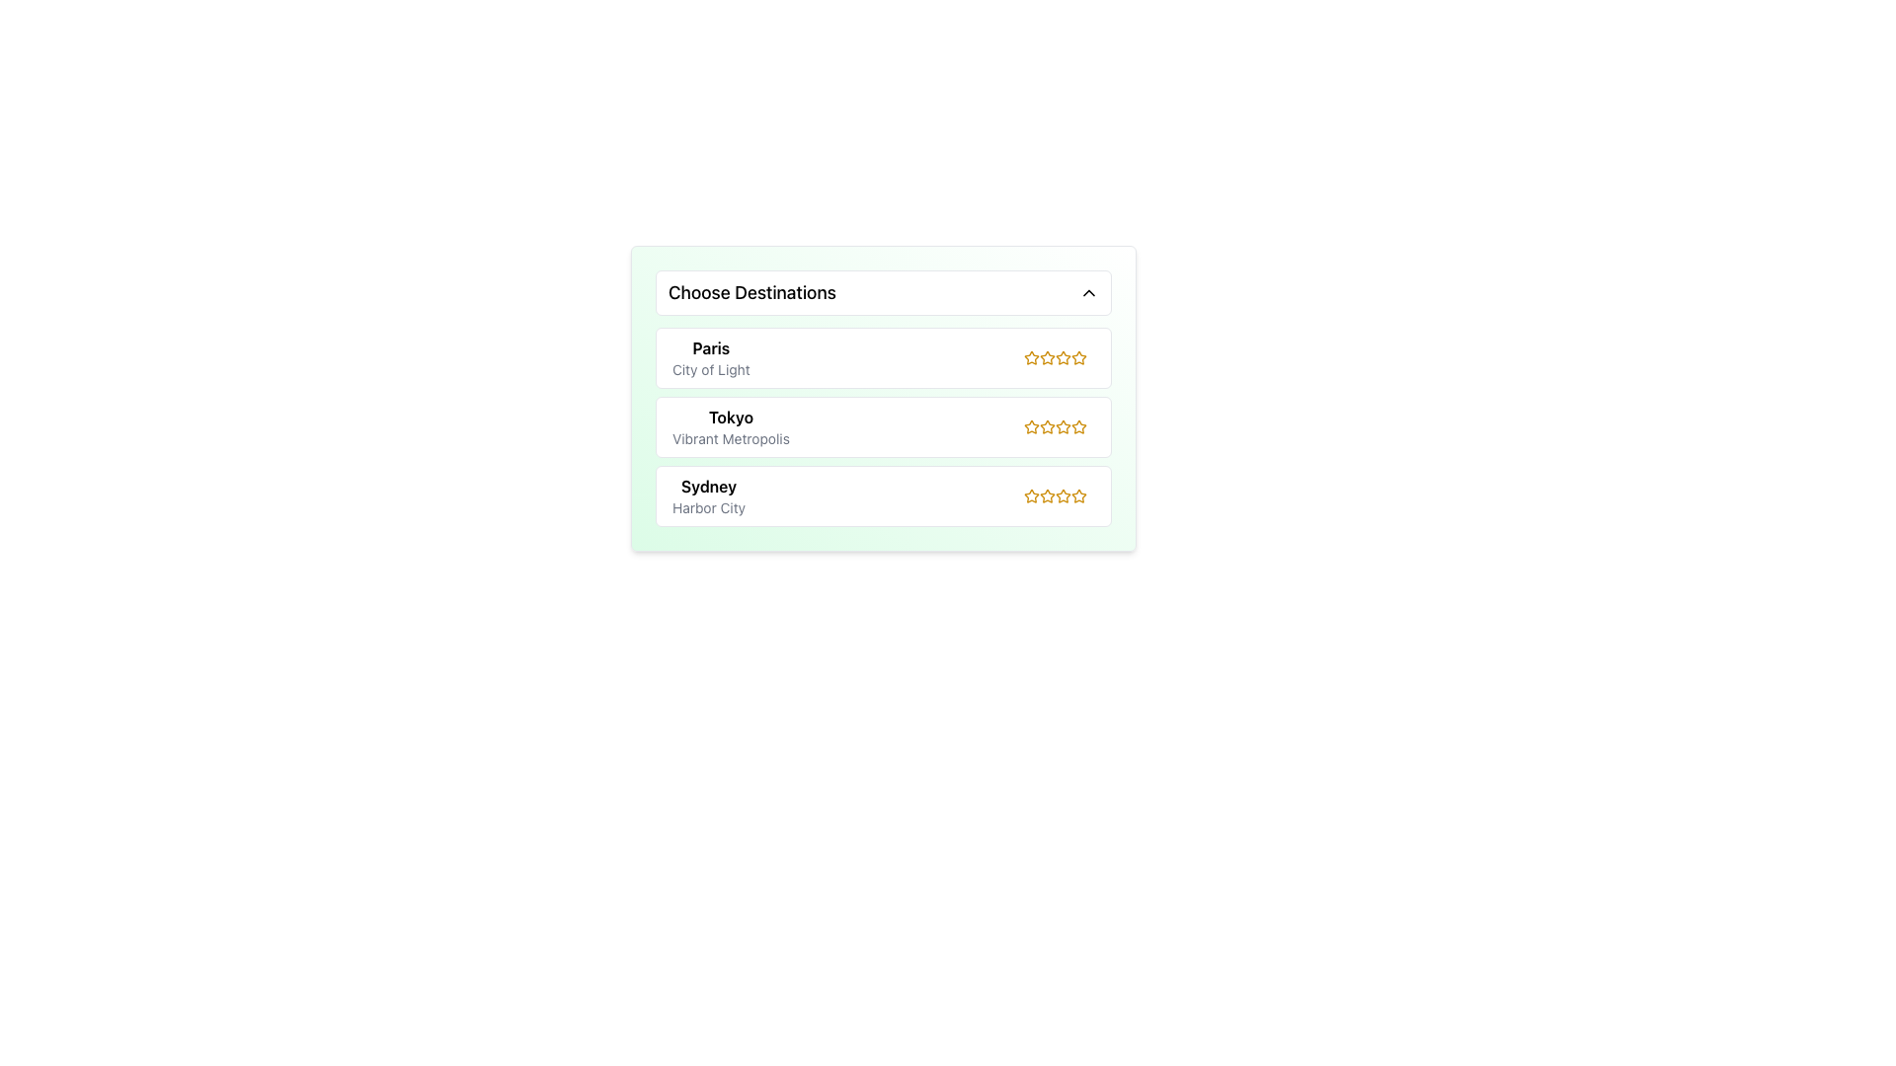 The image size is (1896, 1066). Describe the element at coordinates (1031, 357) in the screenshot. I see `the leftmost star icon in the rating component for the 'Paris' option` at that location.